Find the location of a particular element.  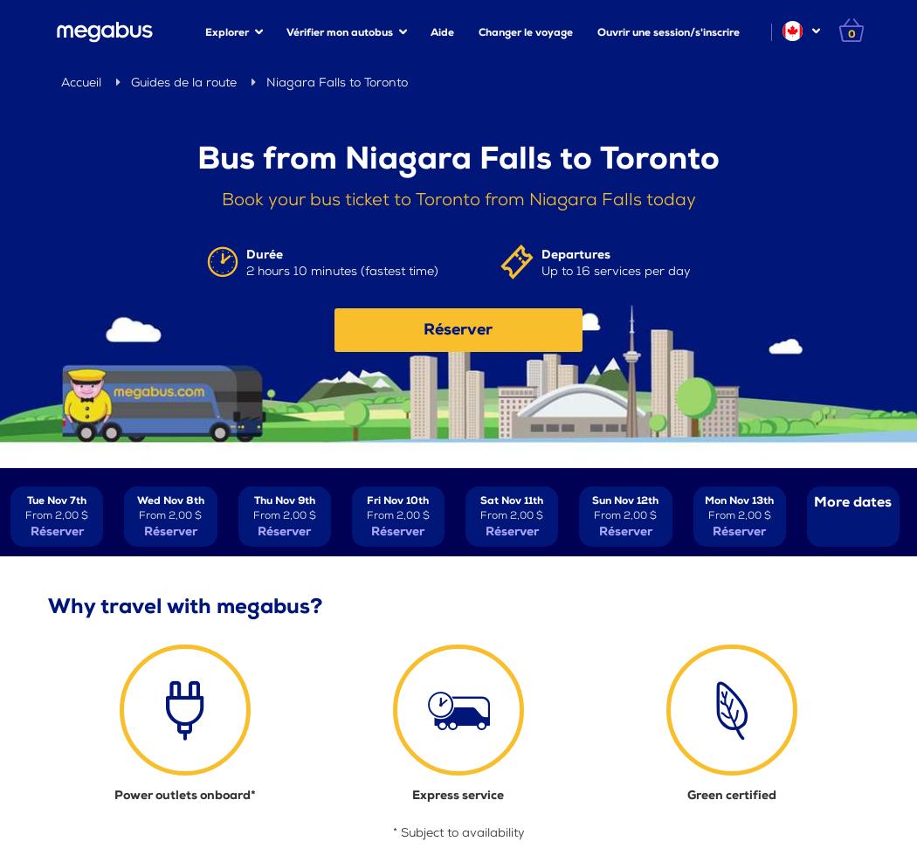

'Ouvrir une session/s'inscrire' is located at coordinates (668, 31).